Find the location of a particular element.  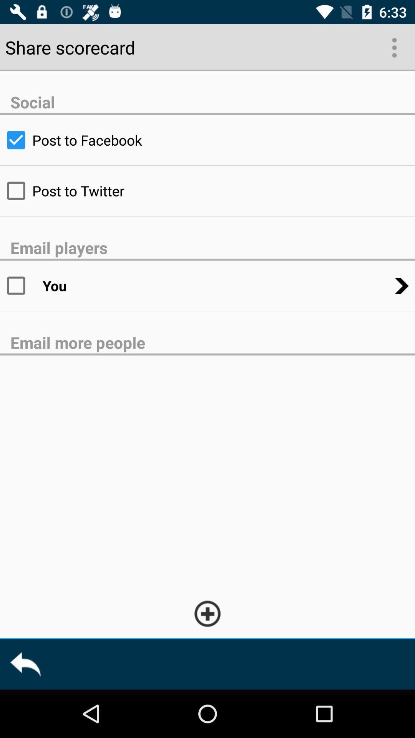

the reply icon is located at coordinates (25, 664).